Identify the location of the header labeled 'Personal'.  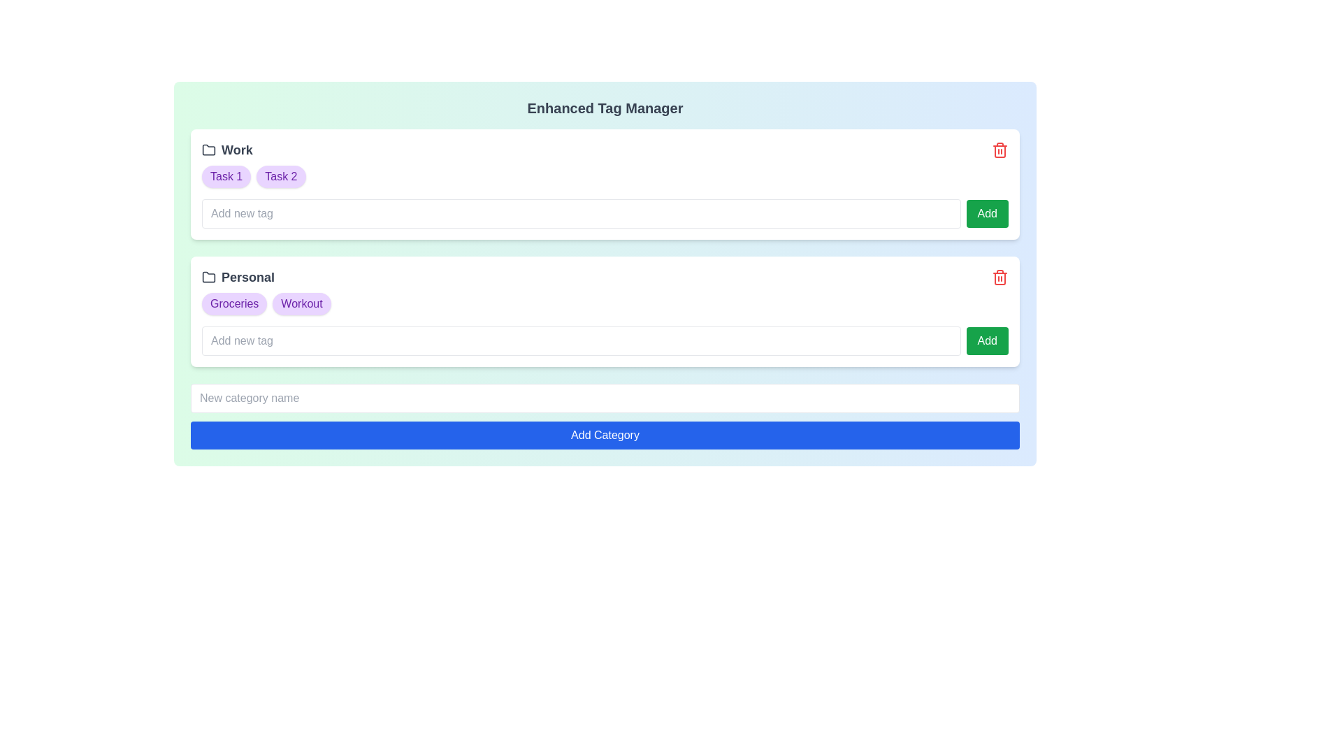
(605, 278).